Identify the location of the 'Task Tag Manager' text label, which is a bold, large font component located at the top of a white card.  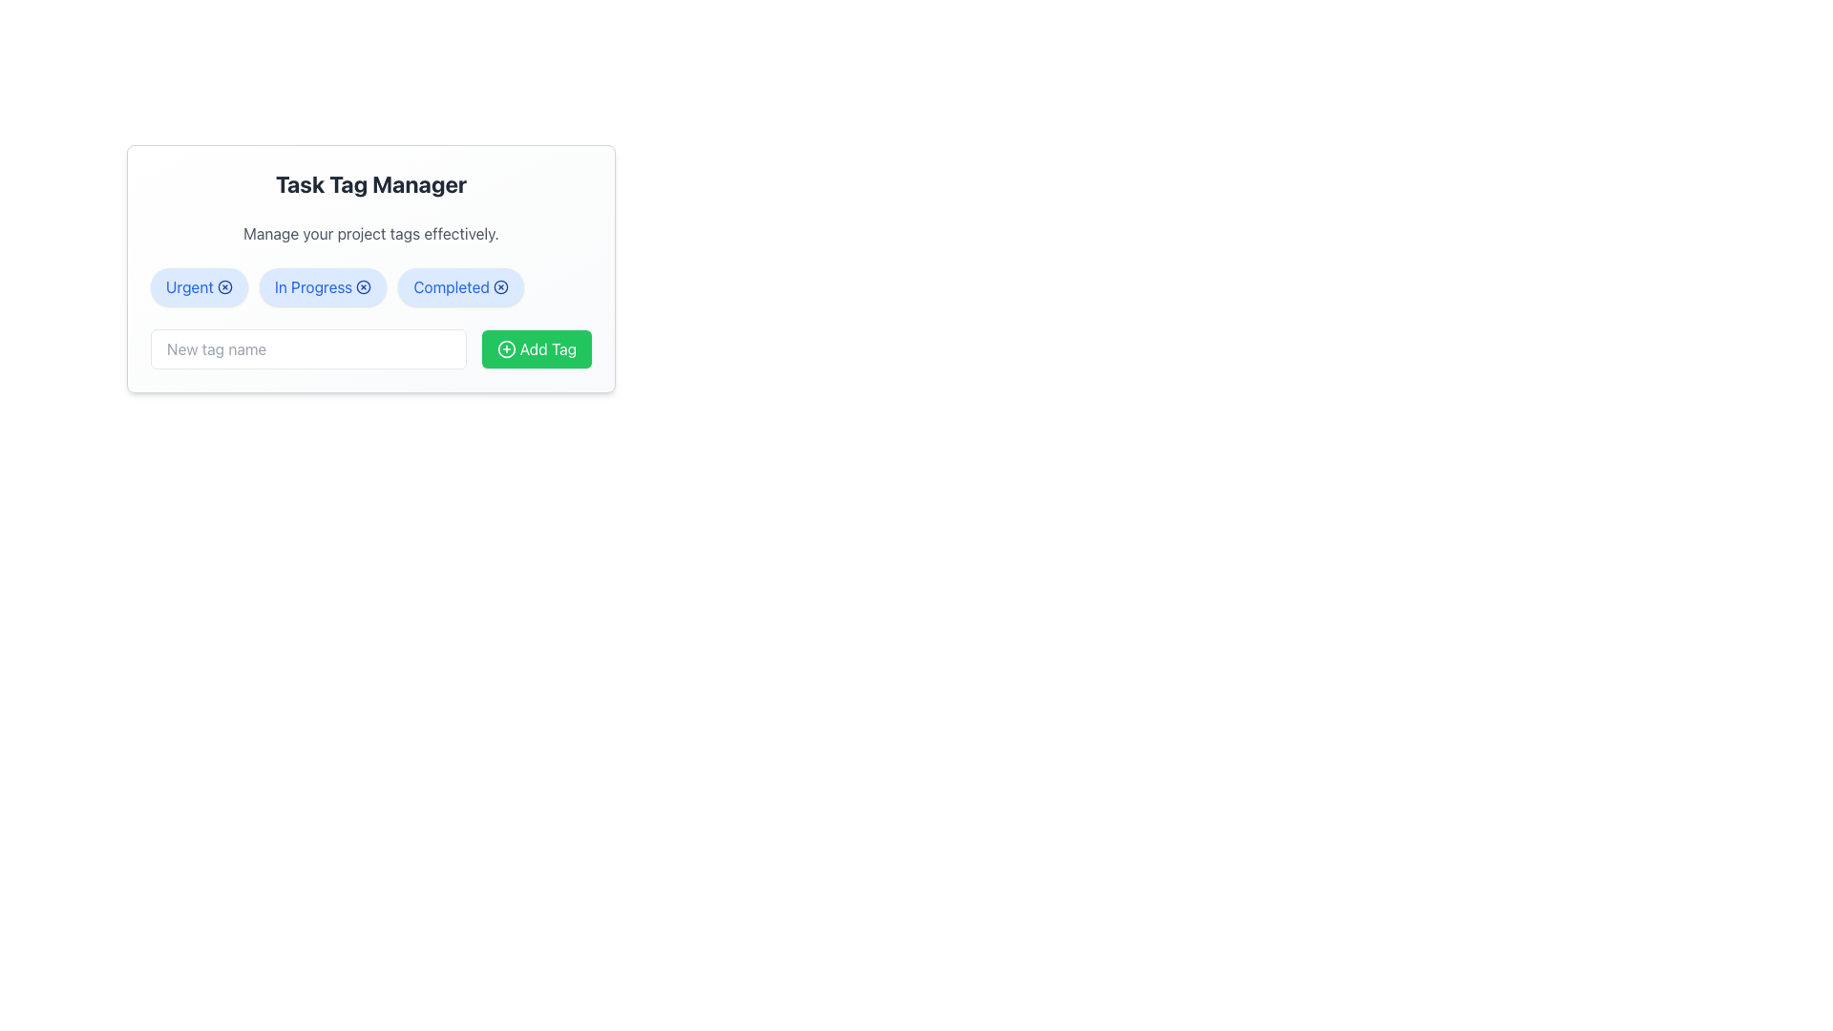
(370, 183).